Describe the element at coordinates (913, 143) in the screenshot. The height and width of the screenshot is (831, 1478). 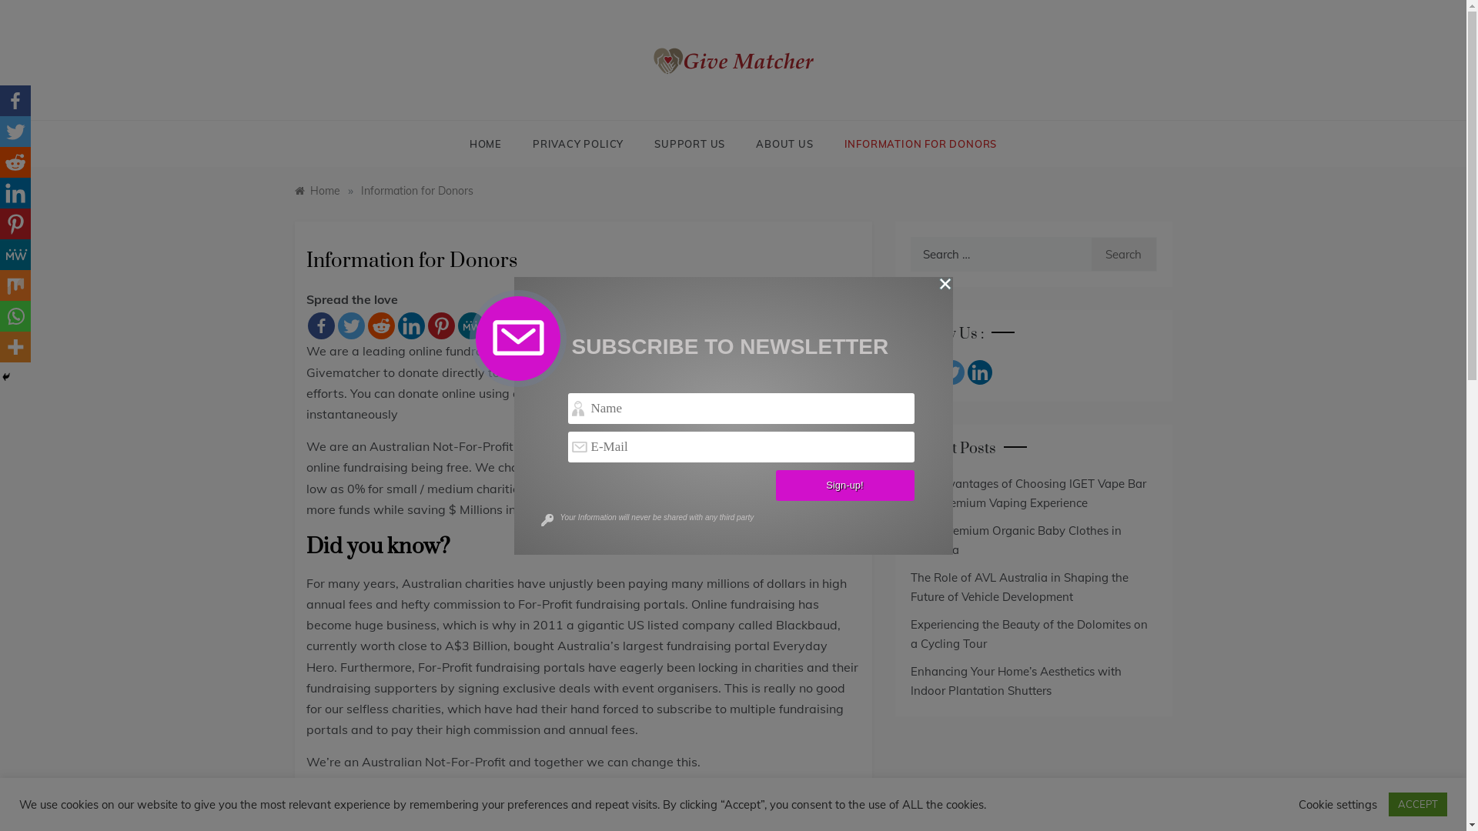
I see `'INFORMATION FOR DONORS'` at that location.